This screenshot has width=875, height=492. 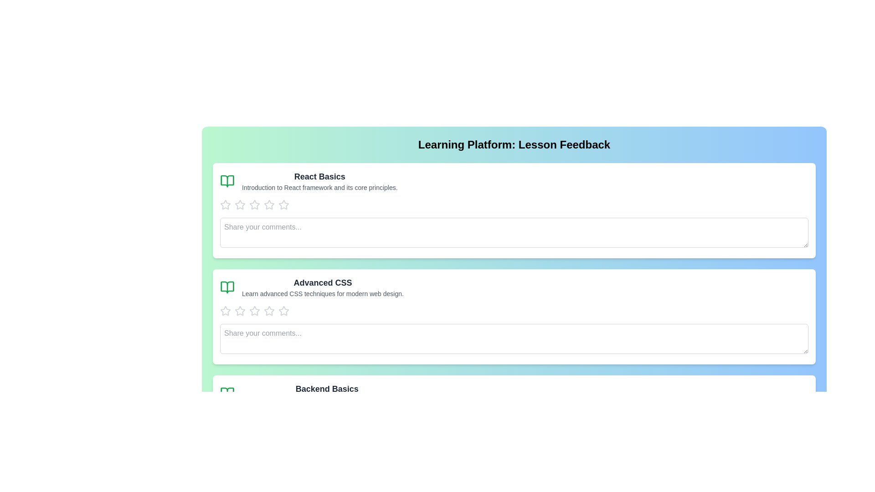 I want to click on the first hollow star icon to give a rating for the 'React Basics' course on the Learning Platform page, so click(x=225, y=204).